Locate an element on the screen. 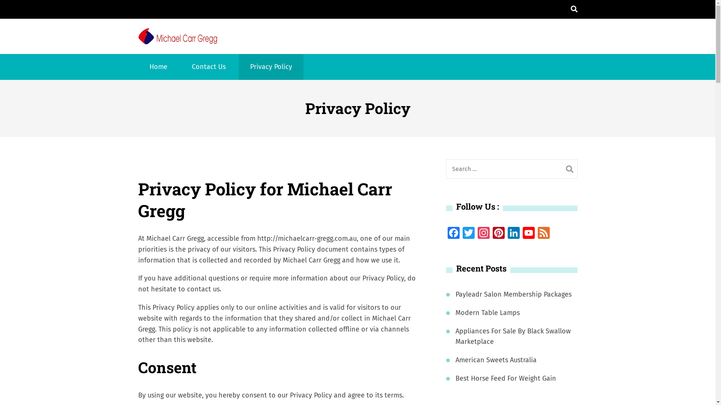  'Search' is located at coordinates (569, 169).